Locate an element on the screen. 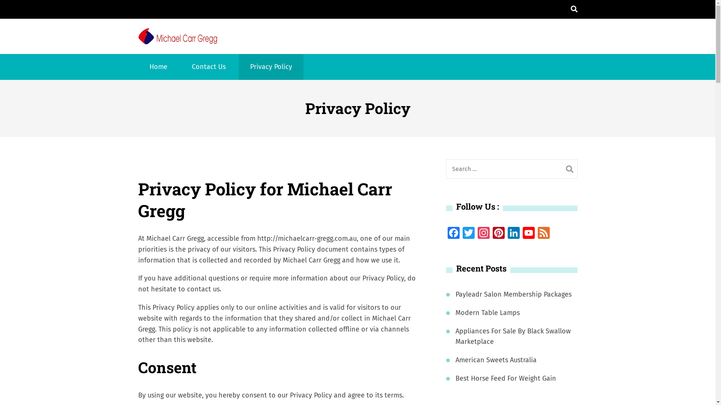  'Search' is located at coordinates (569, 169).